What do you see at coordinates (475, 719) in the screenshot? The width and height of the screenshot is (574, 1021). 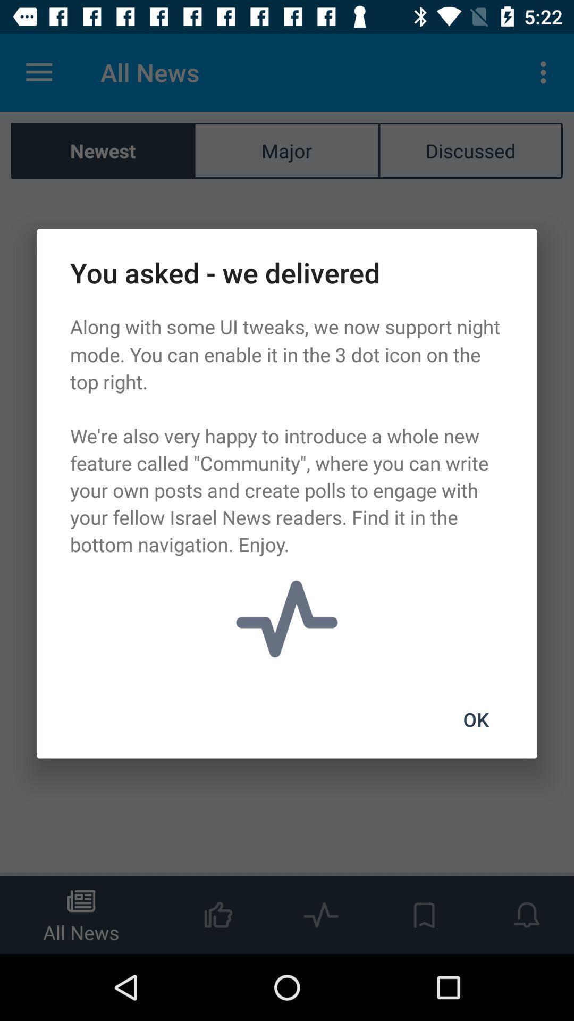 I see `the icon below the along with some` at bounding box center [475, 719].